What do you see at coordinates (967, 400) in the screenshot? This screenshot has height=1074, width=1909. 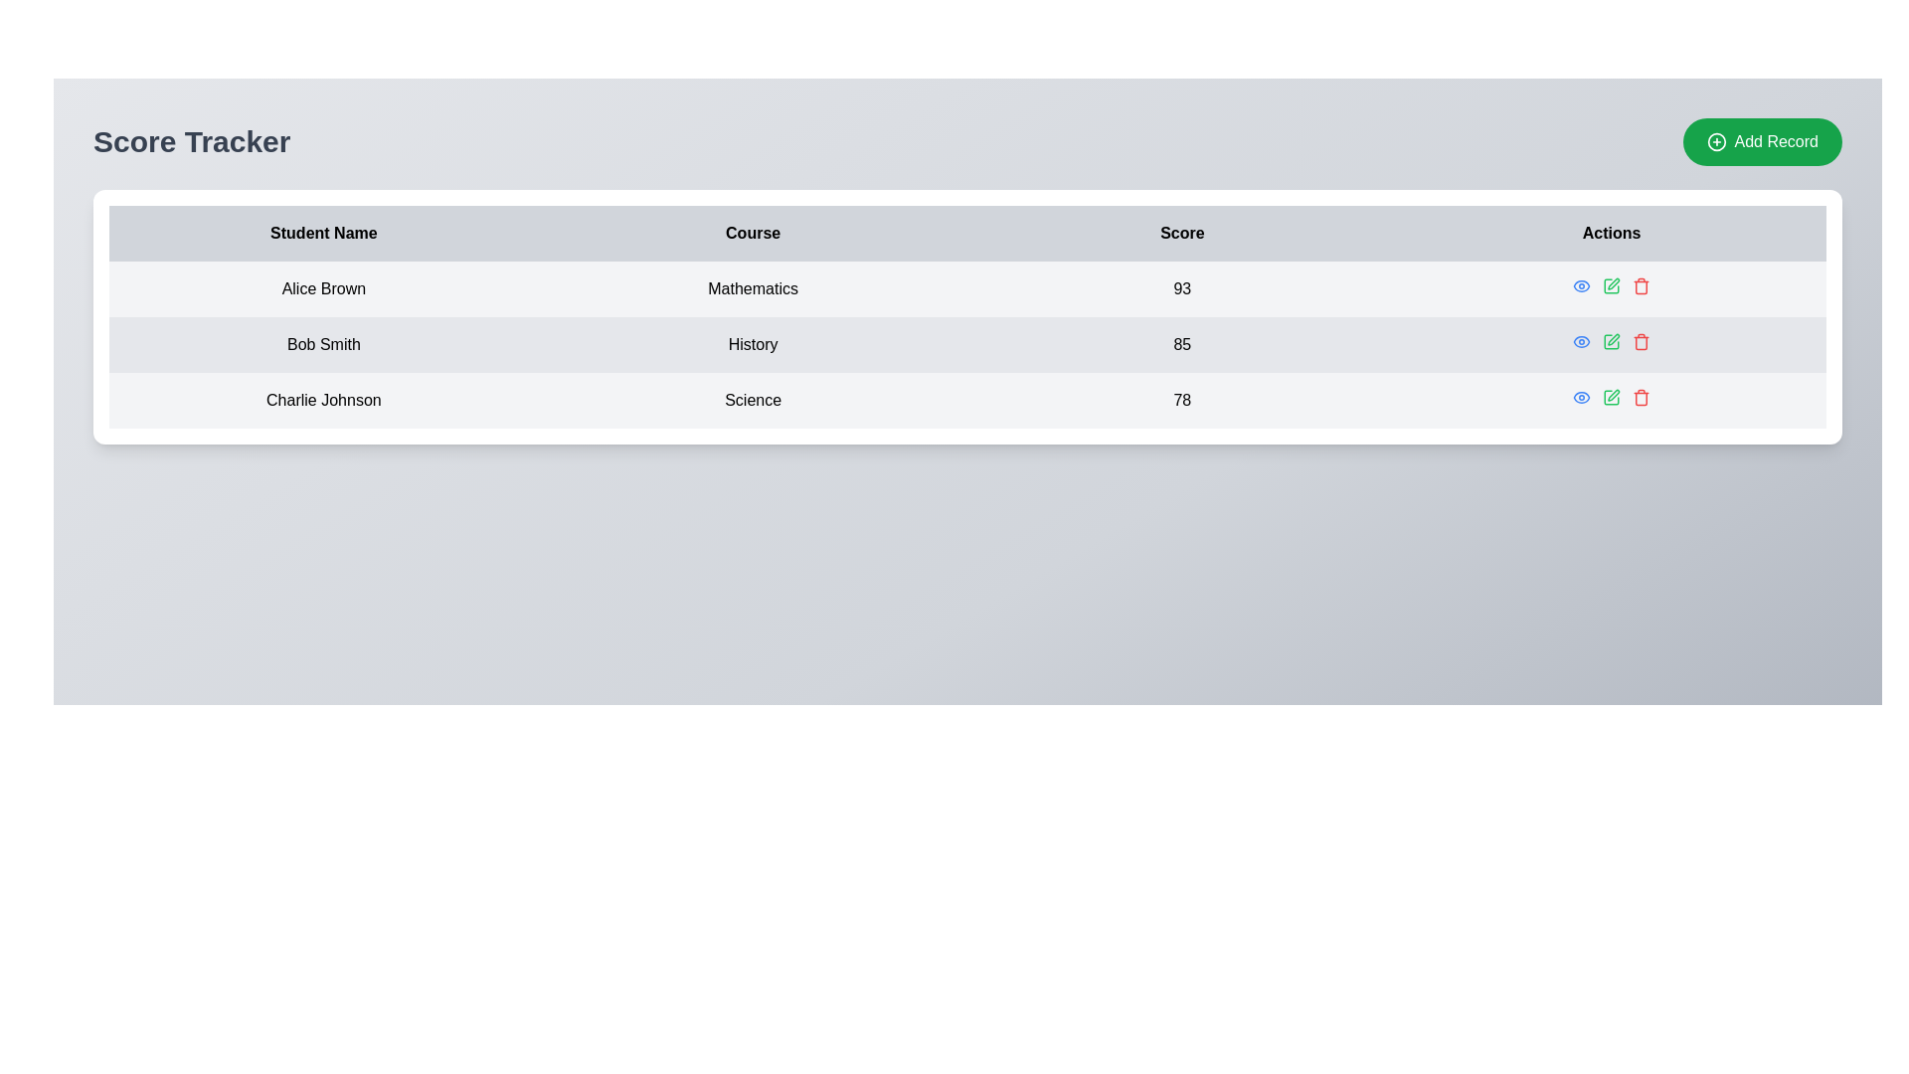 I see `the third table row displaying the data record for student 'Charlie Johnson'` at bounding box center [967, 400].